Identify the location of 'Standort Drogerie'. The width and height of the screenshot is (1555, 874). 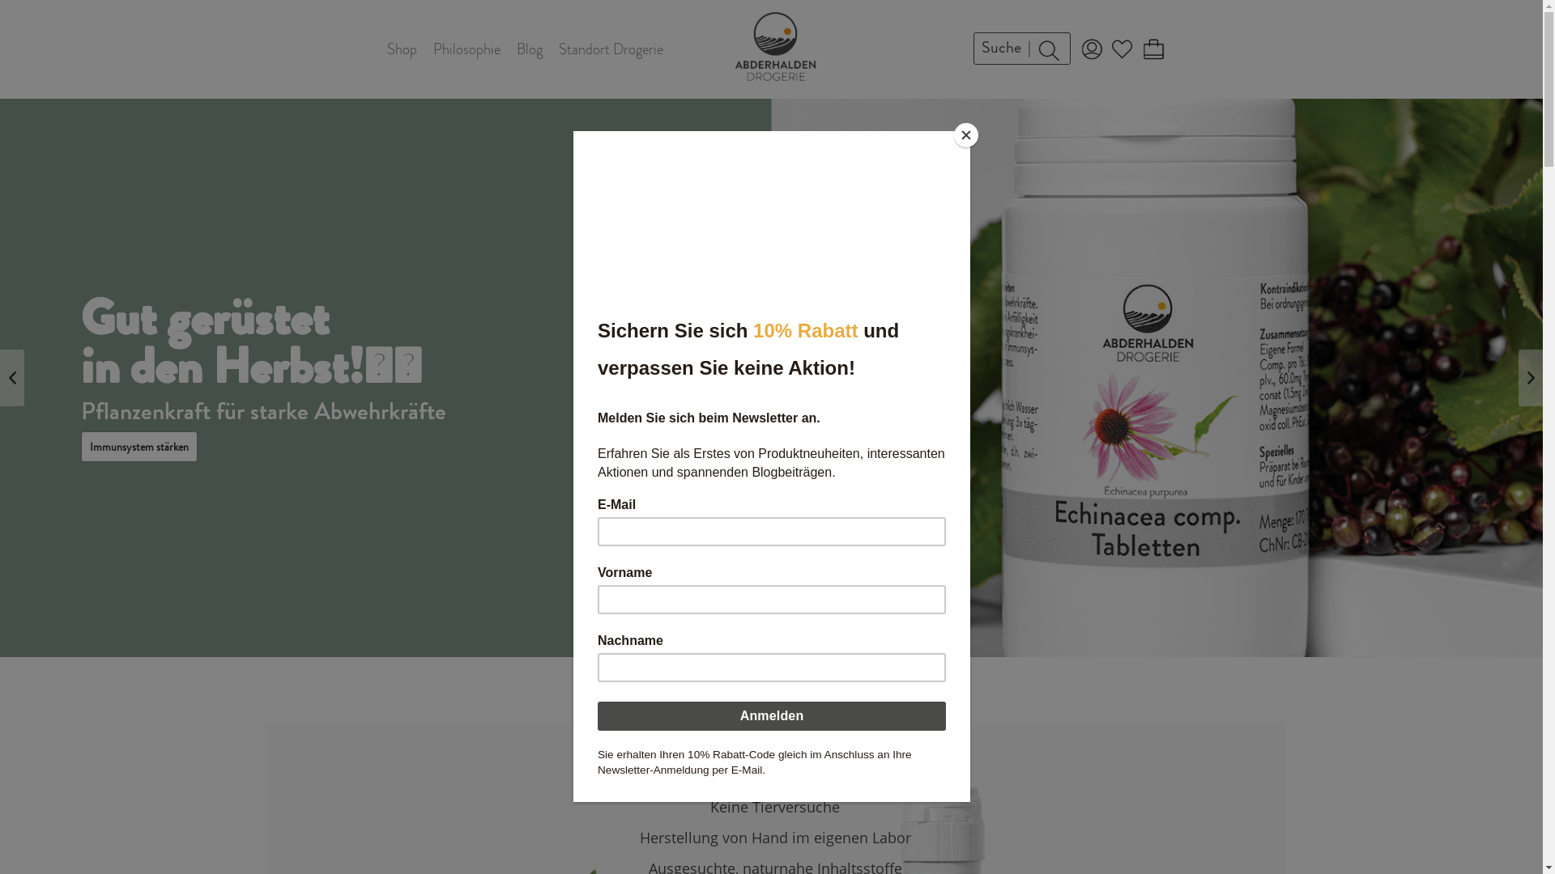
(610, 49).